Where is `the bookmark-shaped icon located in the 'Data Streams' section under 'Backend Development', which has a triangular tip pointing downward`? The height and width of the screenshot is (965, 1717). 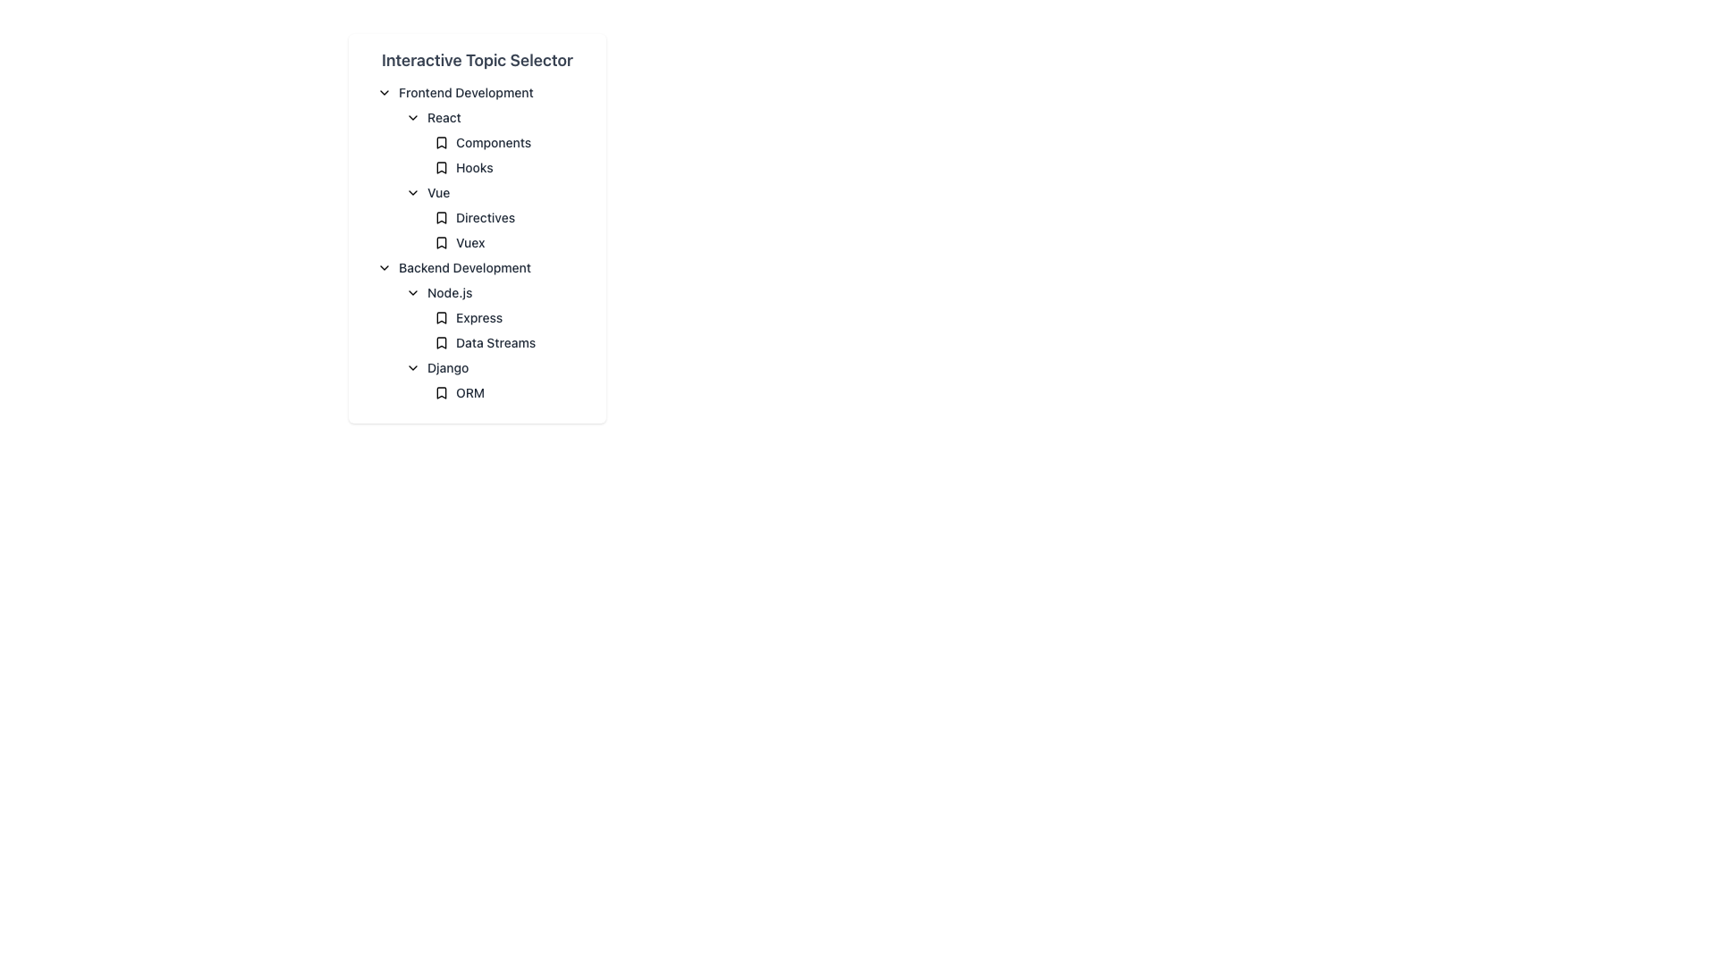
the bookmark-shaped icon located in the 'Data Streams' section under 'Backend Development', which has a triangular tip pointing downward is located at coordinates (442, 343).